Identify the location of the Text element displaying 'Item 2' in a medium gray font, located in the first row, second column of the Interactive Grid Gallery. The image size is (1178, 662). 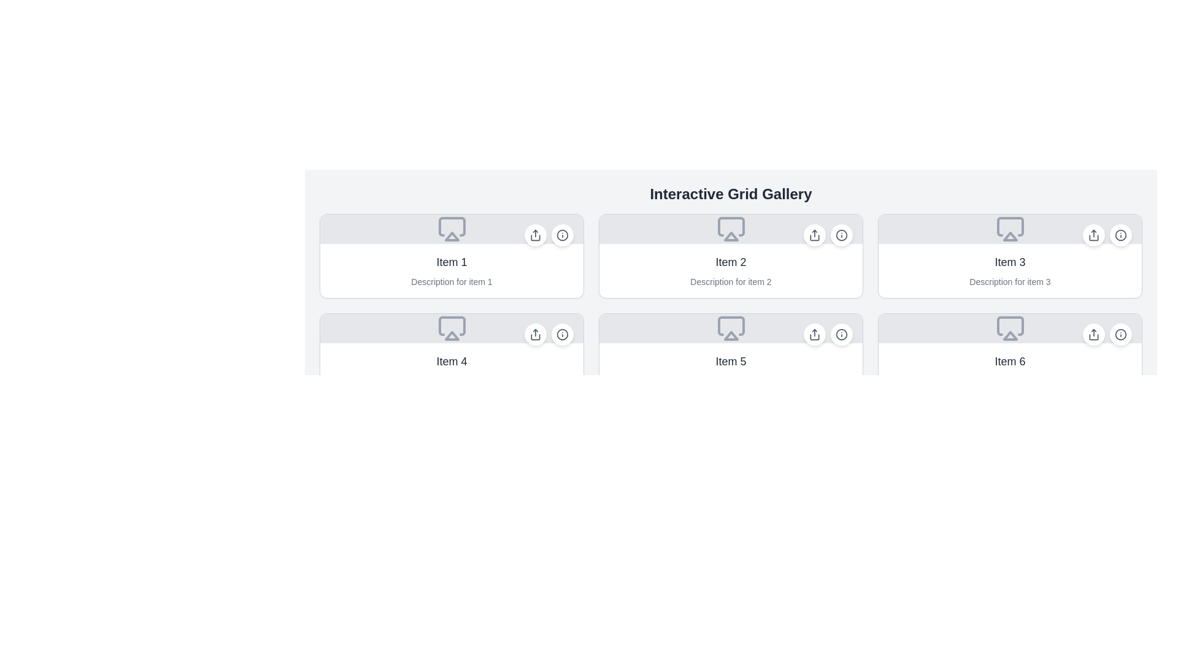
(731, 262).